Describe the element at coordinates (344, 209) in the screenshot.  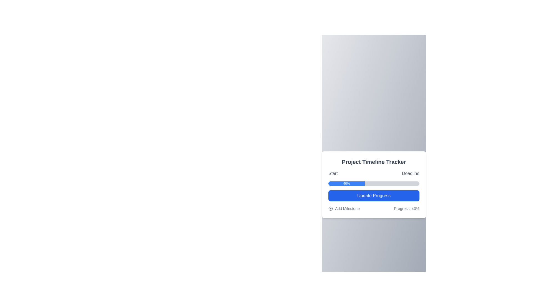
I see `the 'Add Milestone' button with a circular '+' icon to change its text color to blue` at that location.